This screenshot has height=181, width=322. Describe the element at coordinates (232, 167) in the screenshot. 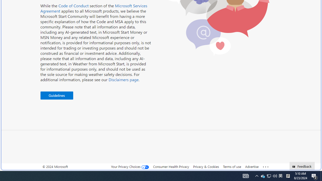

I see `'Terms of use'` at that location.